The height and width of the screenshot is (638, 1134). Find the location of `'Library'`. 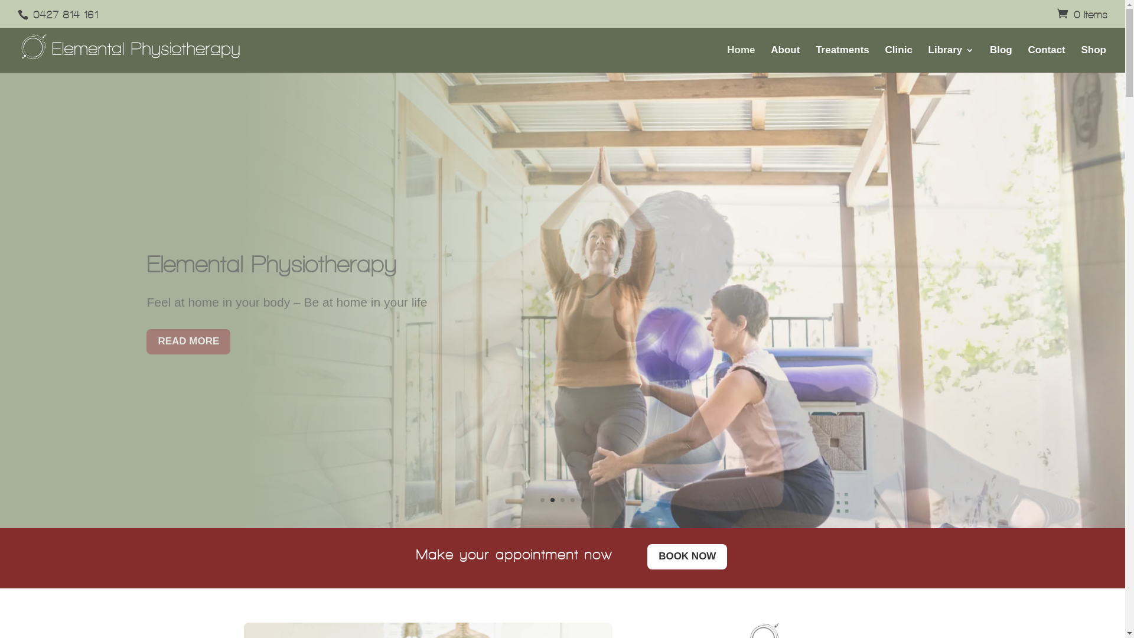

'Library' is located at coordinates (951, 59).